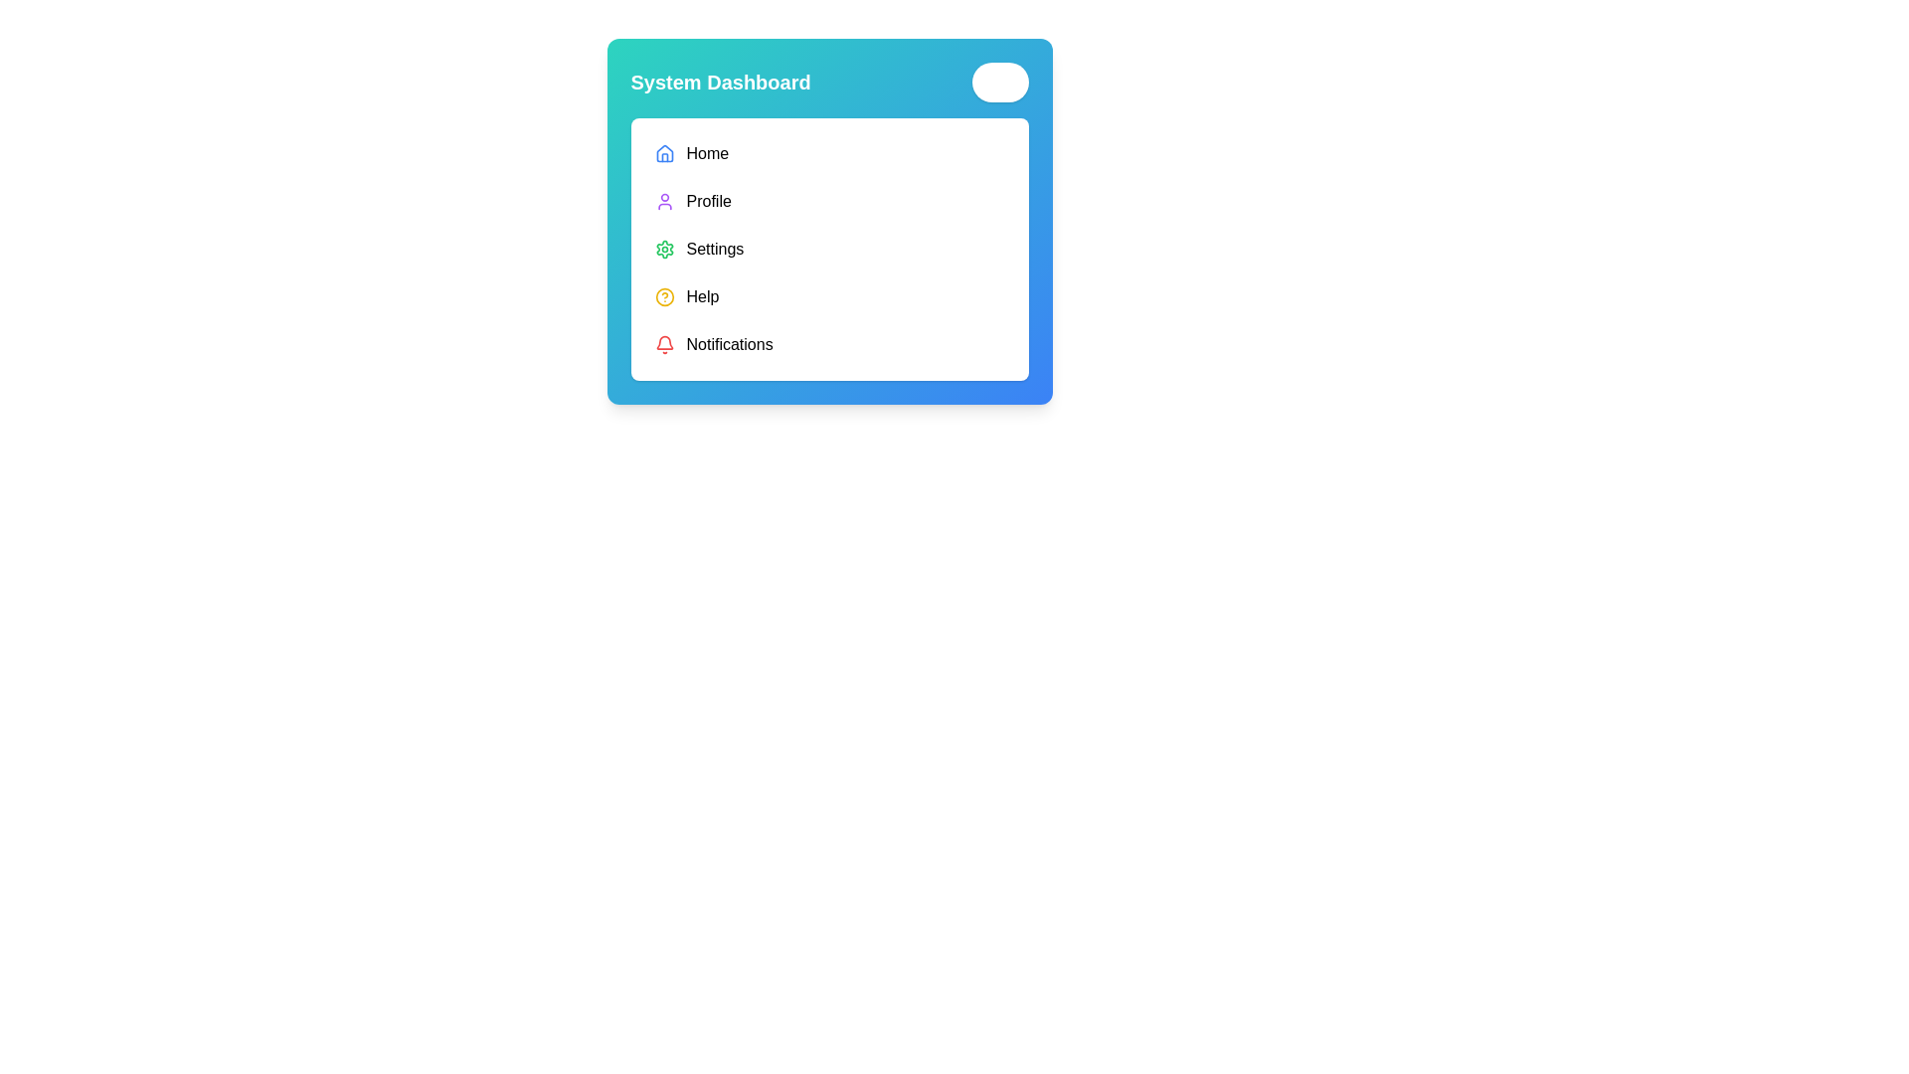  I want to click on the green cogwheel icon, so click(664, 248).